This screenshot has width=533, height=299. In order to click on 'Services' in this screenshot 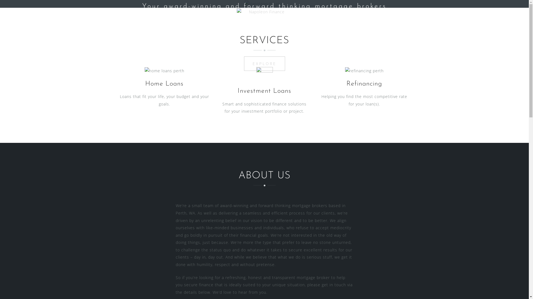, I will do `click(266, 29)`.